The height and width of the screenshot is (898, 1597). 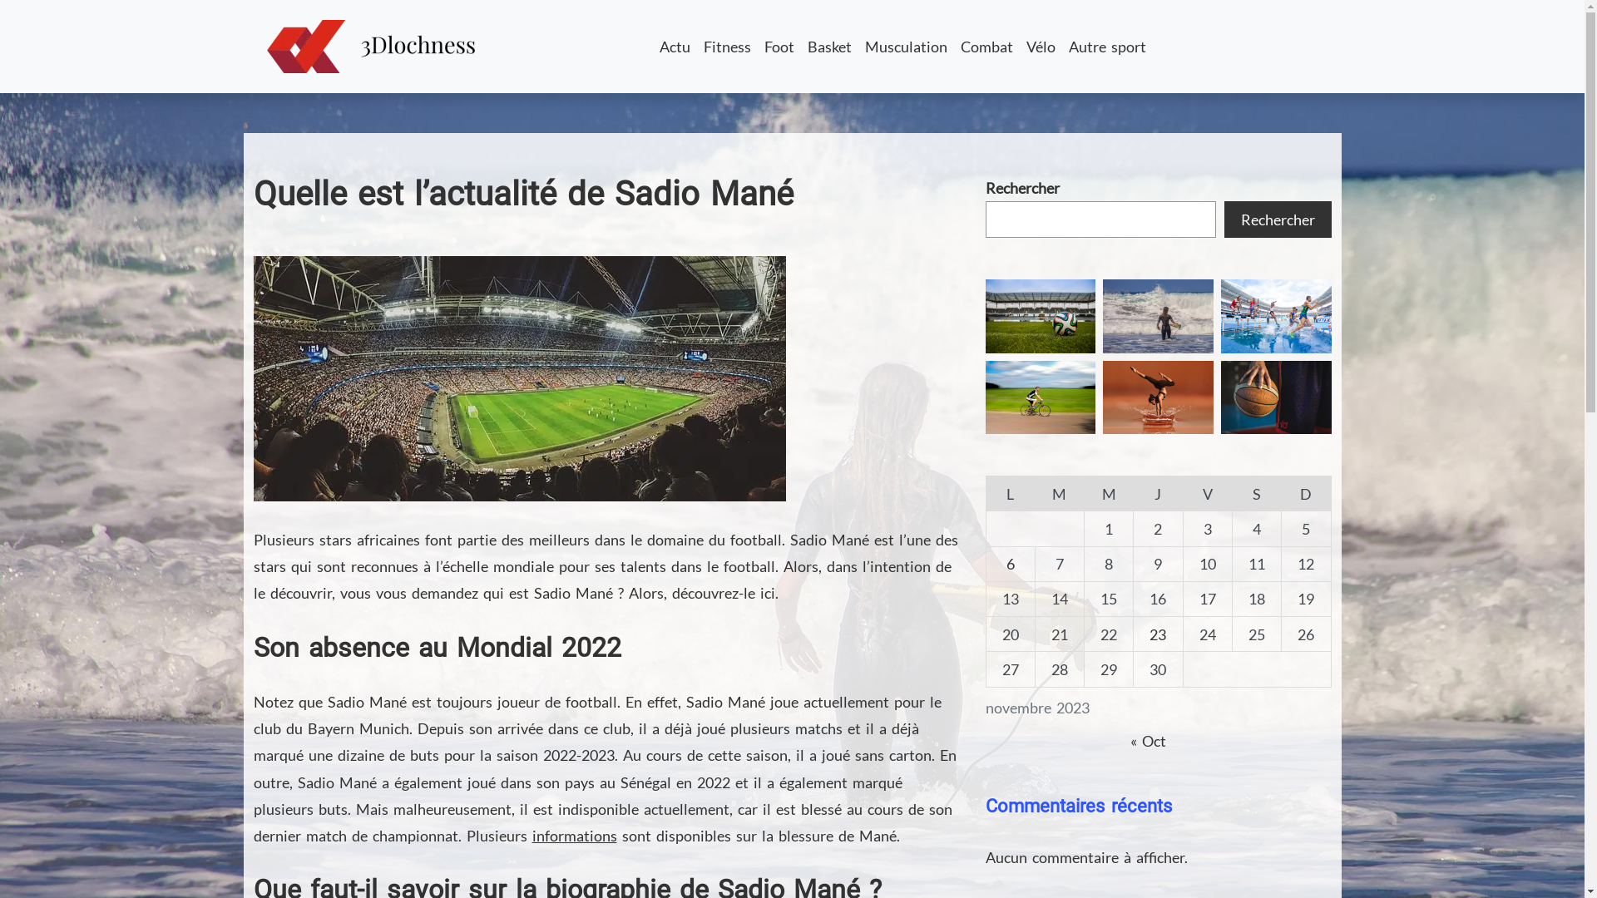 What do you see at coordinates (986, 46) in the screenshot?
I see `'Combat'` at bounding box center [986, 46].